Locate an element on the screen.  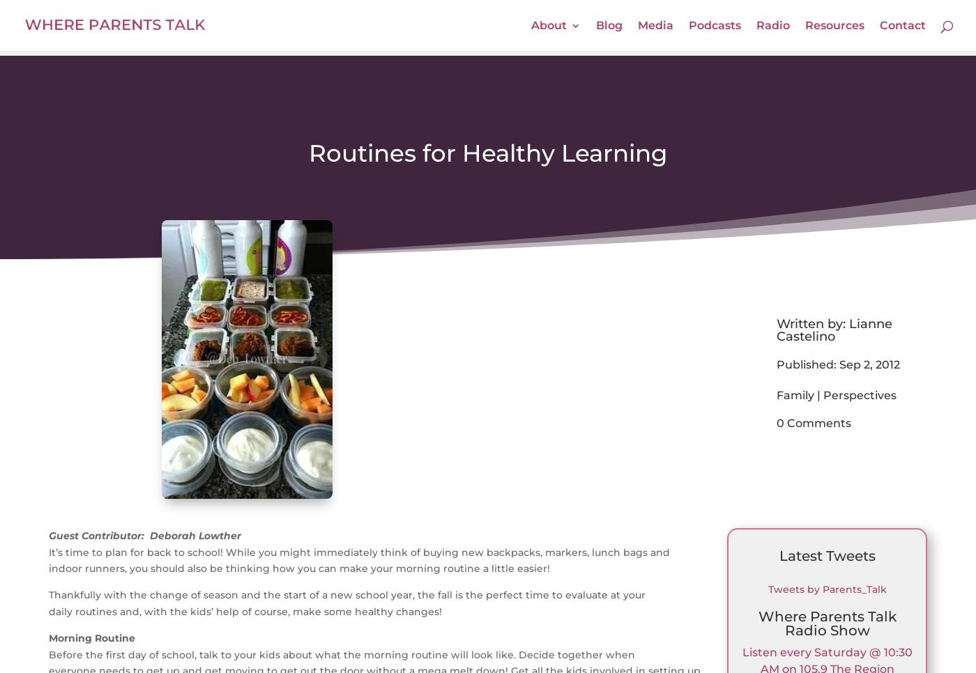
'Perspectives' is located at coordinates (859, 394).